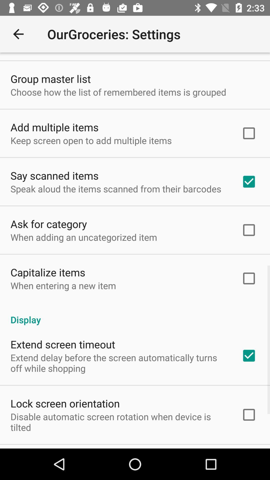 Image resolution: width=270 pixels, height=480 pixels. I want to click on the item above the when entering a icon, so click(48, 272).